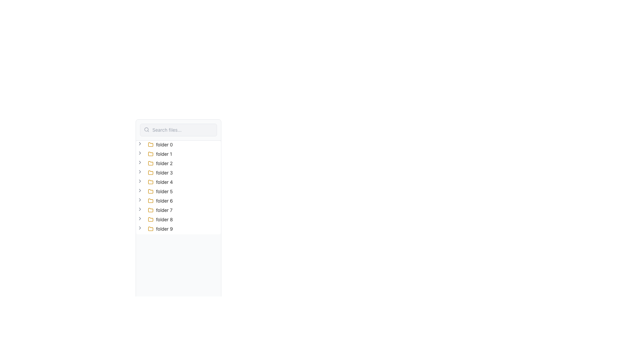 This screenshot has width=643, height=361. Describe the element at coordinates (139, 210) in the screenshot. I see `the Tree view toggle icon located to the left of 'folder 7'` at that location.